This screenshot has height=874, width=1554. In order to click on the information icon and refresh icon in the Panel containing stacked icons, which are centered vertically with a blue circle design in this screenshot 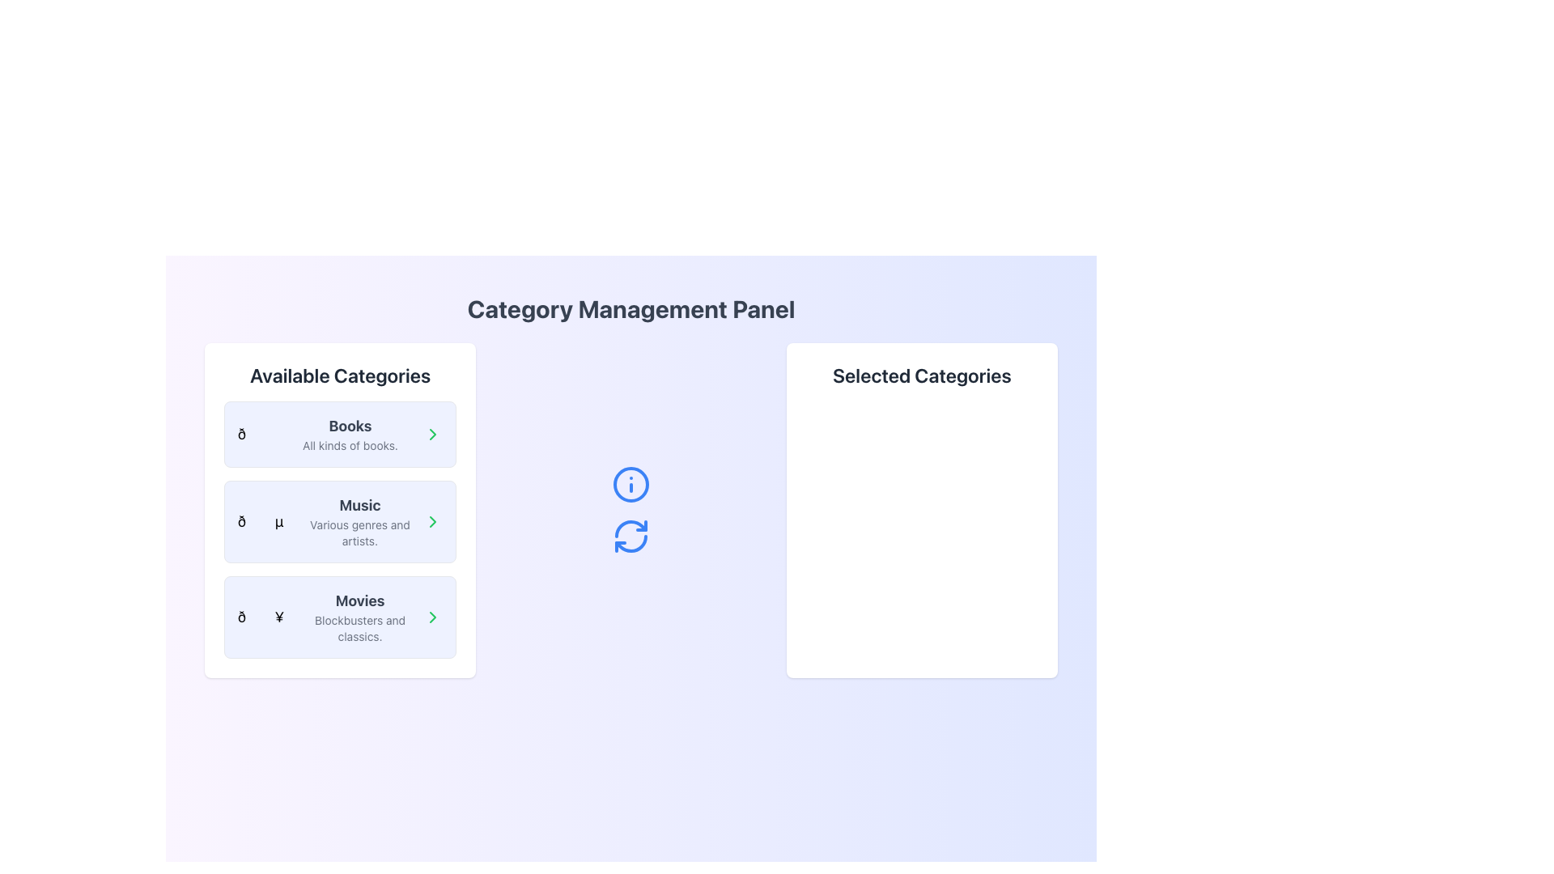, I will do `click(630, 511)`.